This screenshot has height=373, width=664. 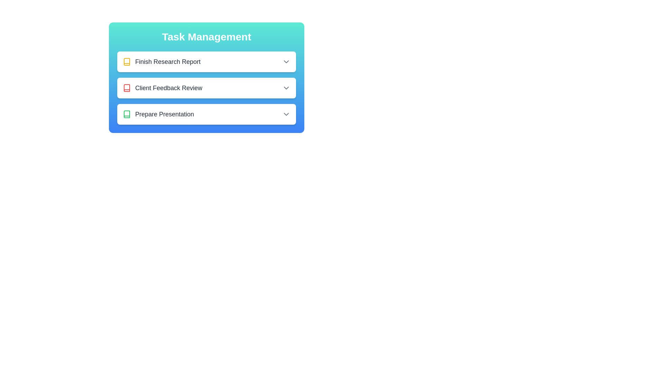 What do you see at coordinates (127, 114) in the screenshot?
I see `the status icon for the task Prepare Presentation` at bounding box center [127, 114].